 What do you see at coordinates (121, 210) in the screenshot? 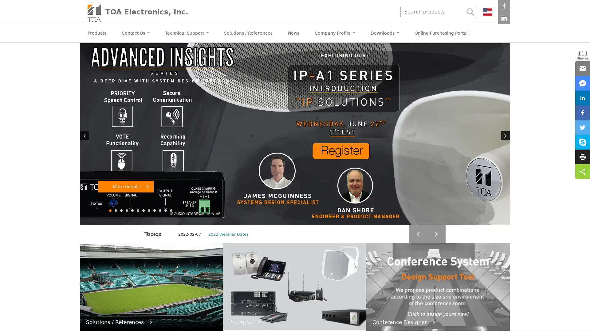
I see `3` at bounding box center [121, 210].